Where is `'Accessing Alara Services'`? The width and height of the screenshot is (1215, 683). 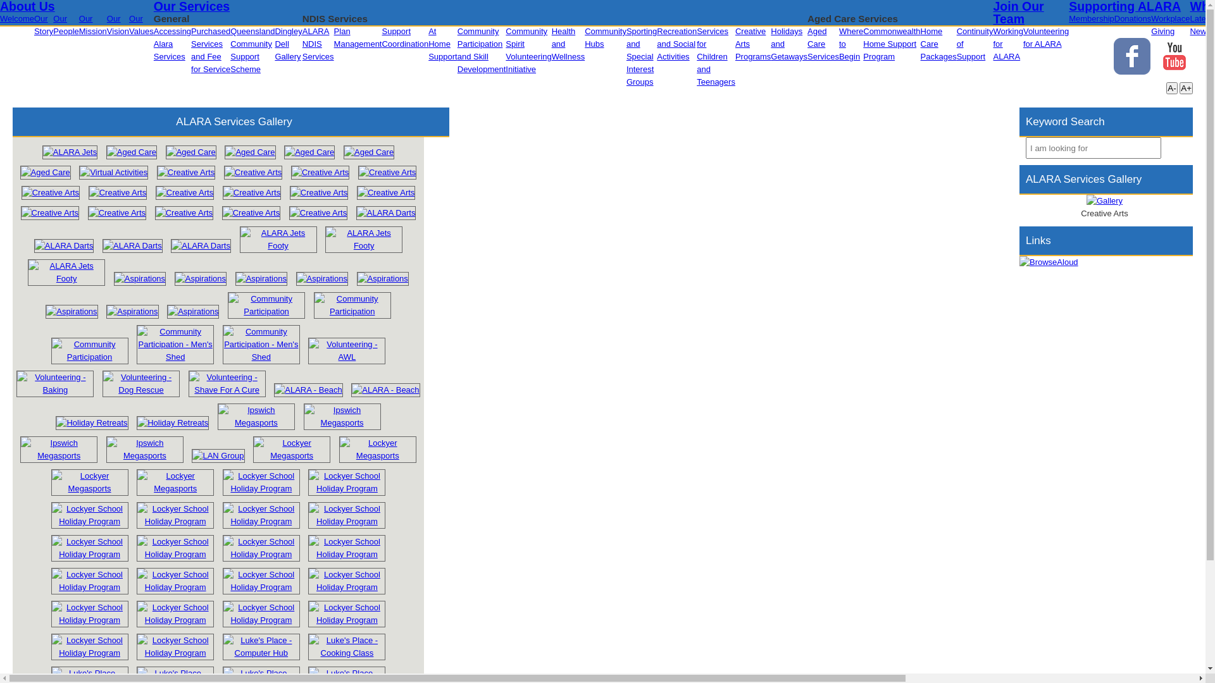 'Accessing Alara Services' is located at coordinates (153, 43).